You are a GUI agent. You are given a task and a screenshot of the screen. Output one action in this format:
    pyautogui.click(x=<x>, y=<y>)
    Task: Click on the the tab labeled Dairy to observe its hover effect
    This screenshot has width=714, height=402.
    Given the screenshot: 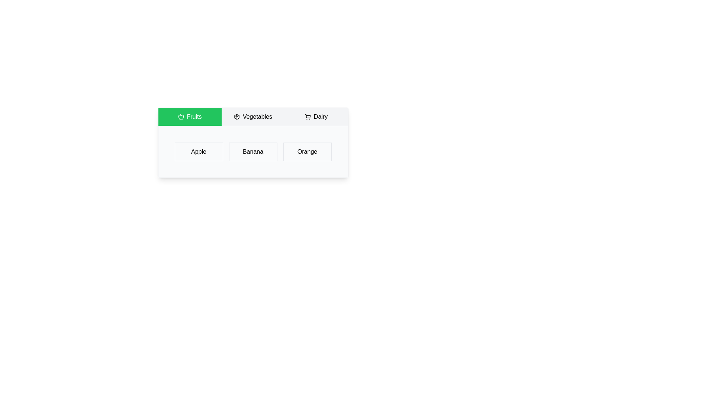 What is the action you would take?
    pyautogui.click(x=316, y=117)
    